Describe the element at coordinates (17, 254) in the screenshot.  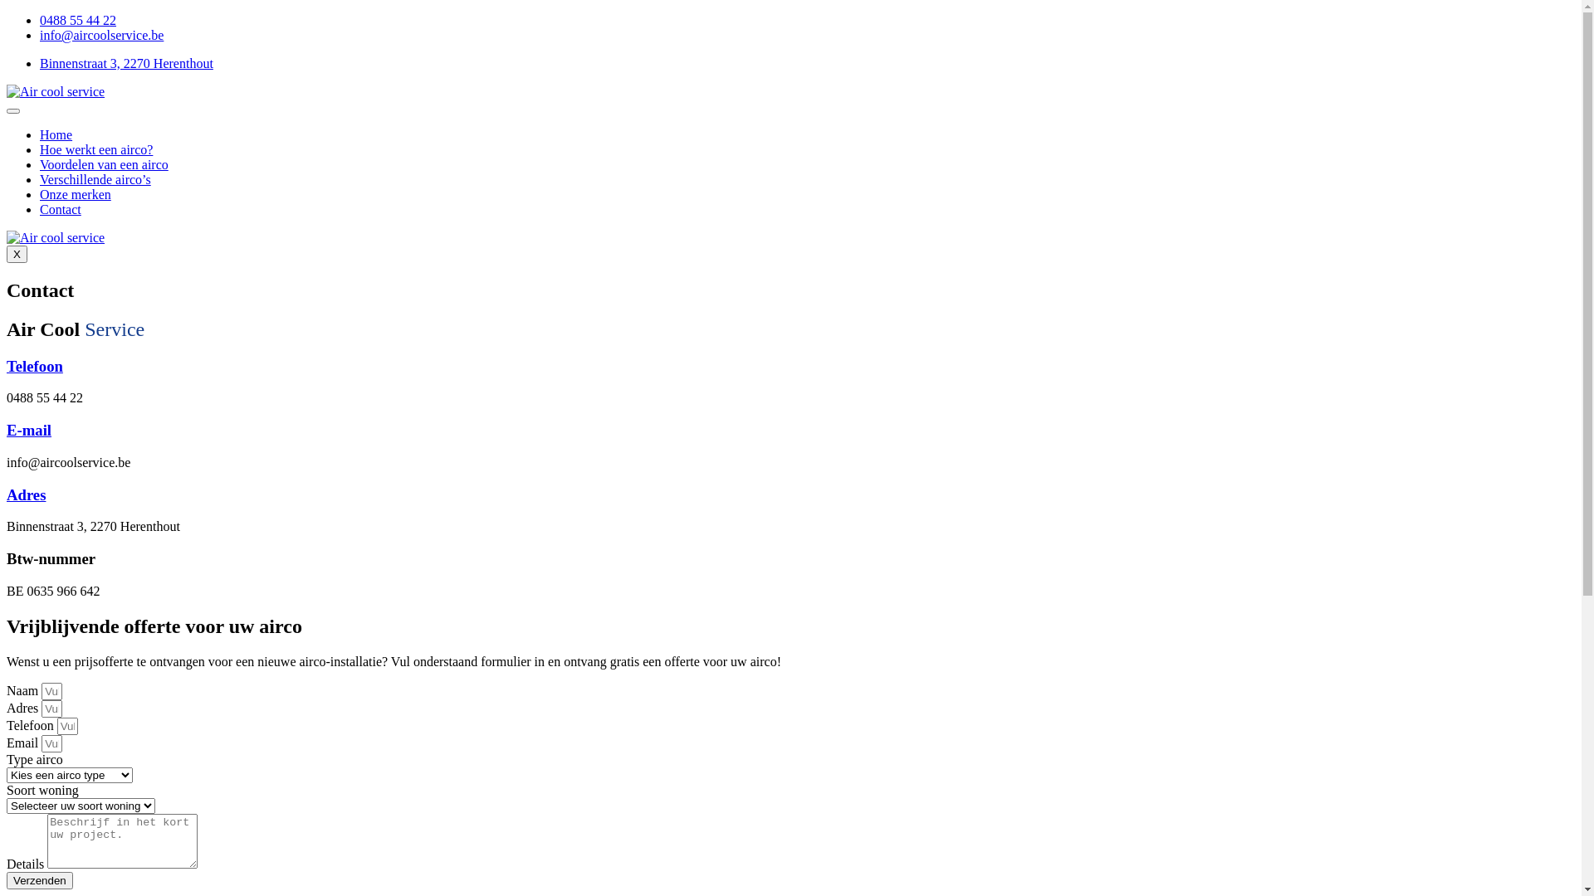
I see `'X'` at that location.